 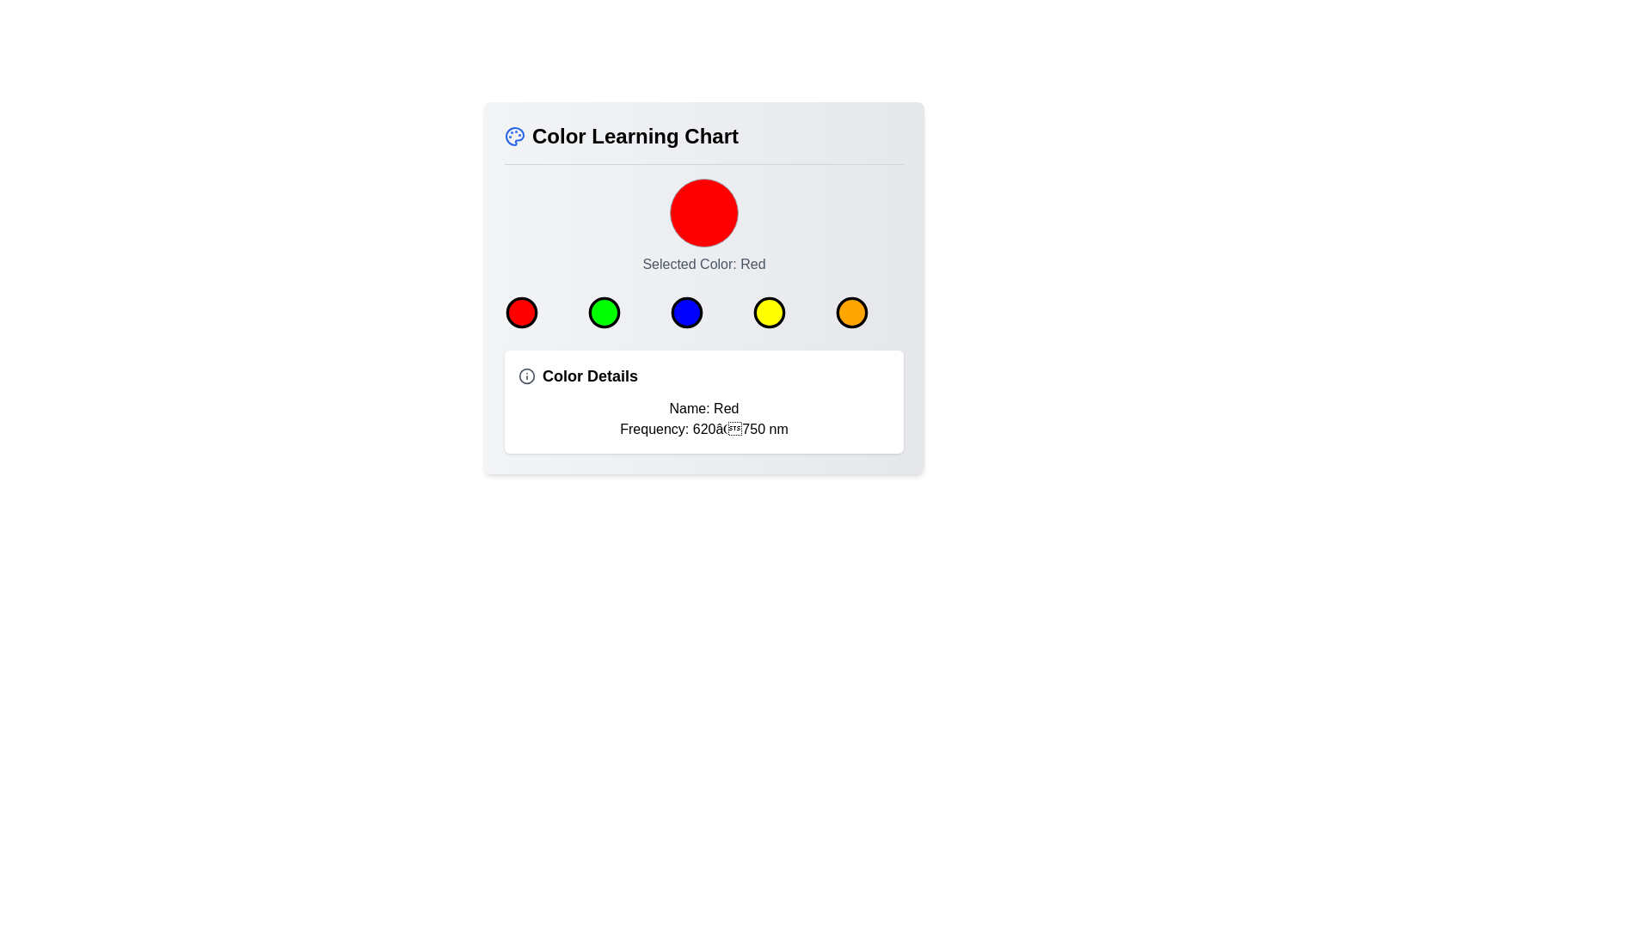 I want to click on the fourth circular color indicator icon with a blue fill and black border, so click(x=685, y=312).